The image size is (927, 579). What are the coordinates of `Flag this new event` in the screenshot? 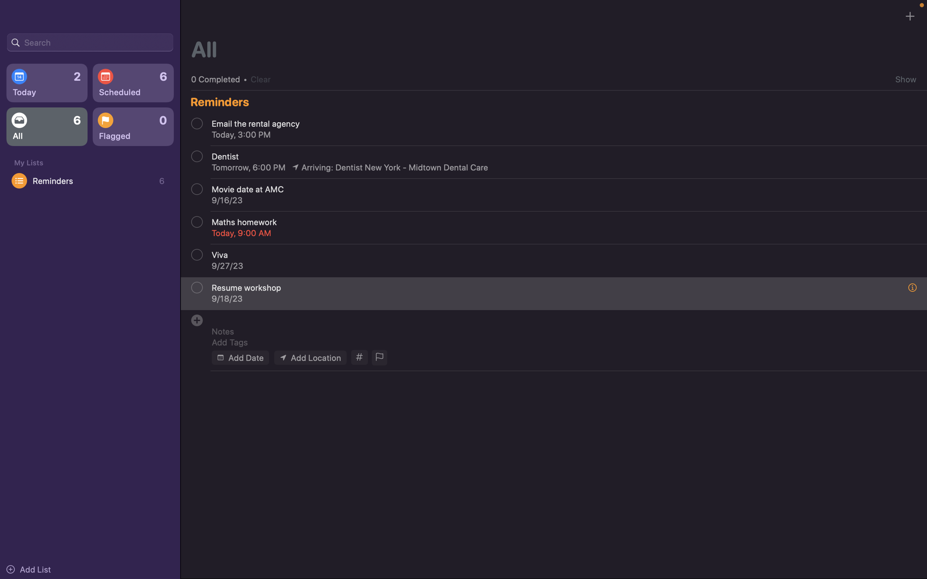 It's located at (378, 358).